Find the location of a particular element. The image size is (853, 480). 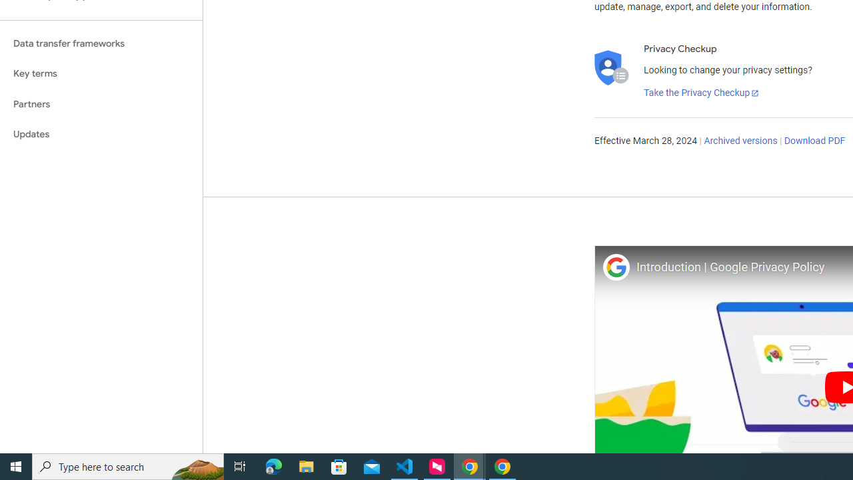

'Download PDF' is located at coordinates (814, 141).